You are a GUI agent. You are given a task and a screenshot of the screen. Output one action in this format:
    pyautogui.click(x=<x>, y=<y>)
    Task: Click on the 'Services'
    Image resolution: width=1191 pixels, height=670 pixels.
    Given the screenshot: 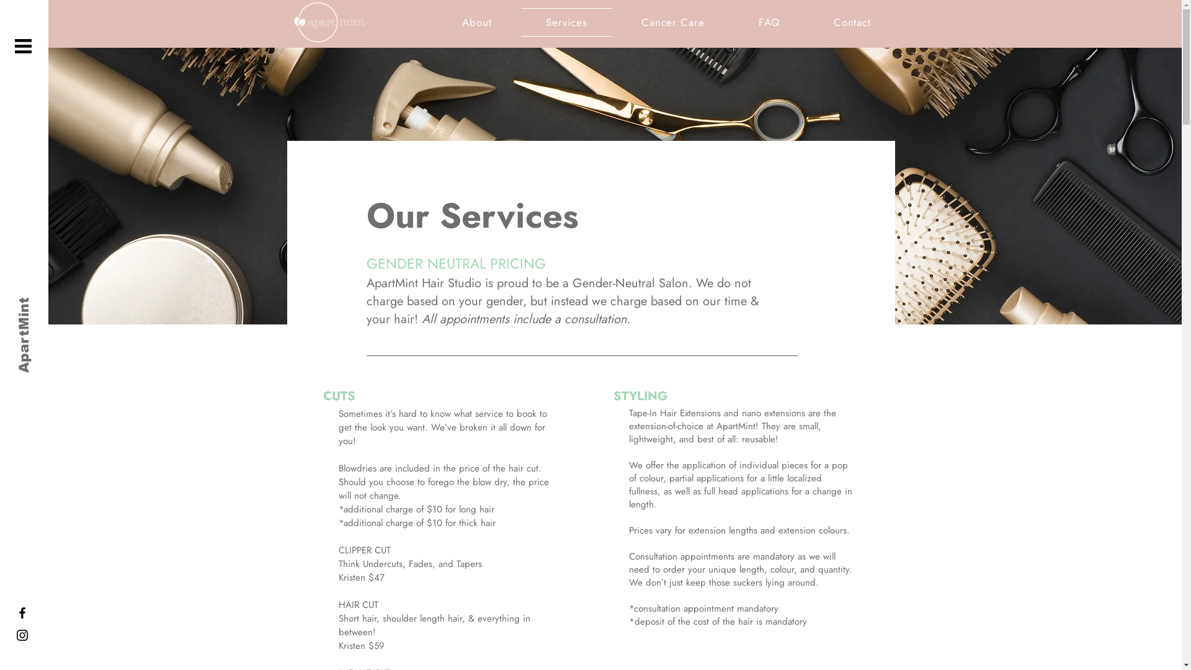 What is the action you would take?
    pyautogui.click(x=565, y=22)
    